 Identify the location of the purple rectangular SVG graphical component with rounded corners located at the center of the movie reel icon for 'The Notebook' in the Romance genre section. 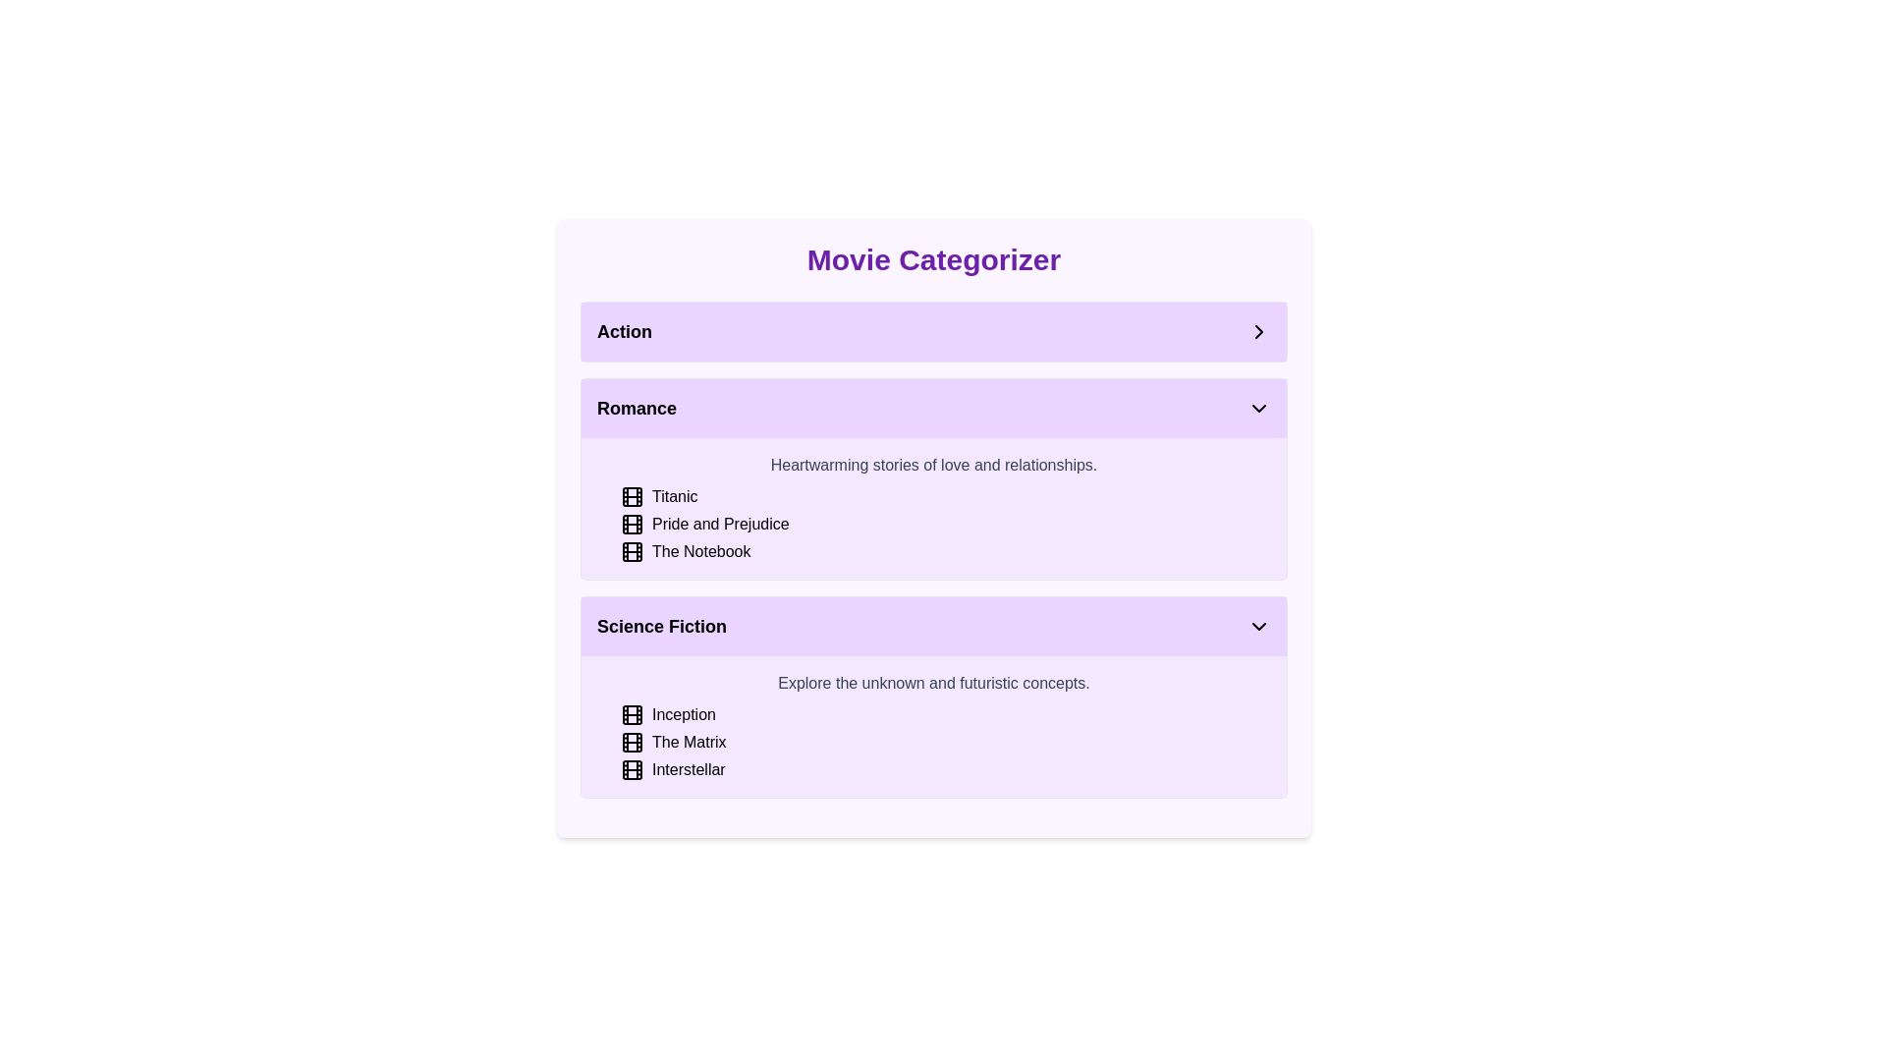
(632, 552).